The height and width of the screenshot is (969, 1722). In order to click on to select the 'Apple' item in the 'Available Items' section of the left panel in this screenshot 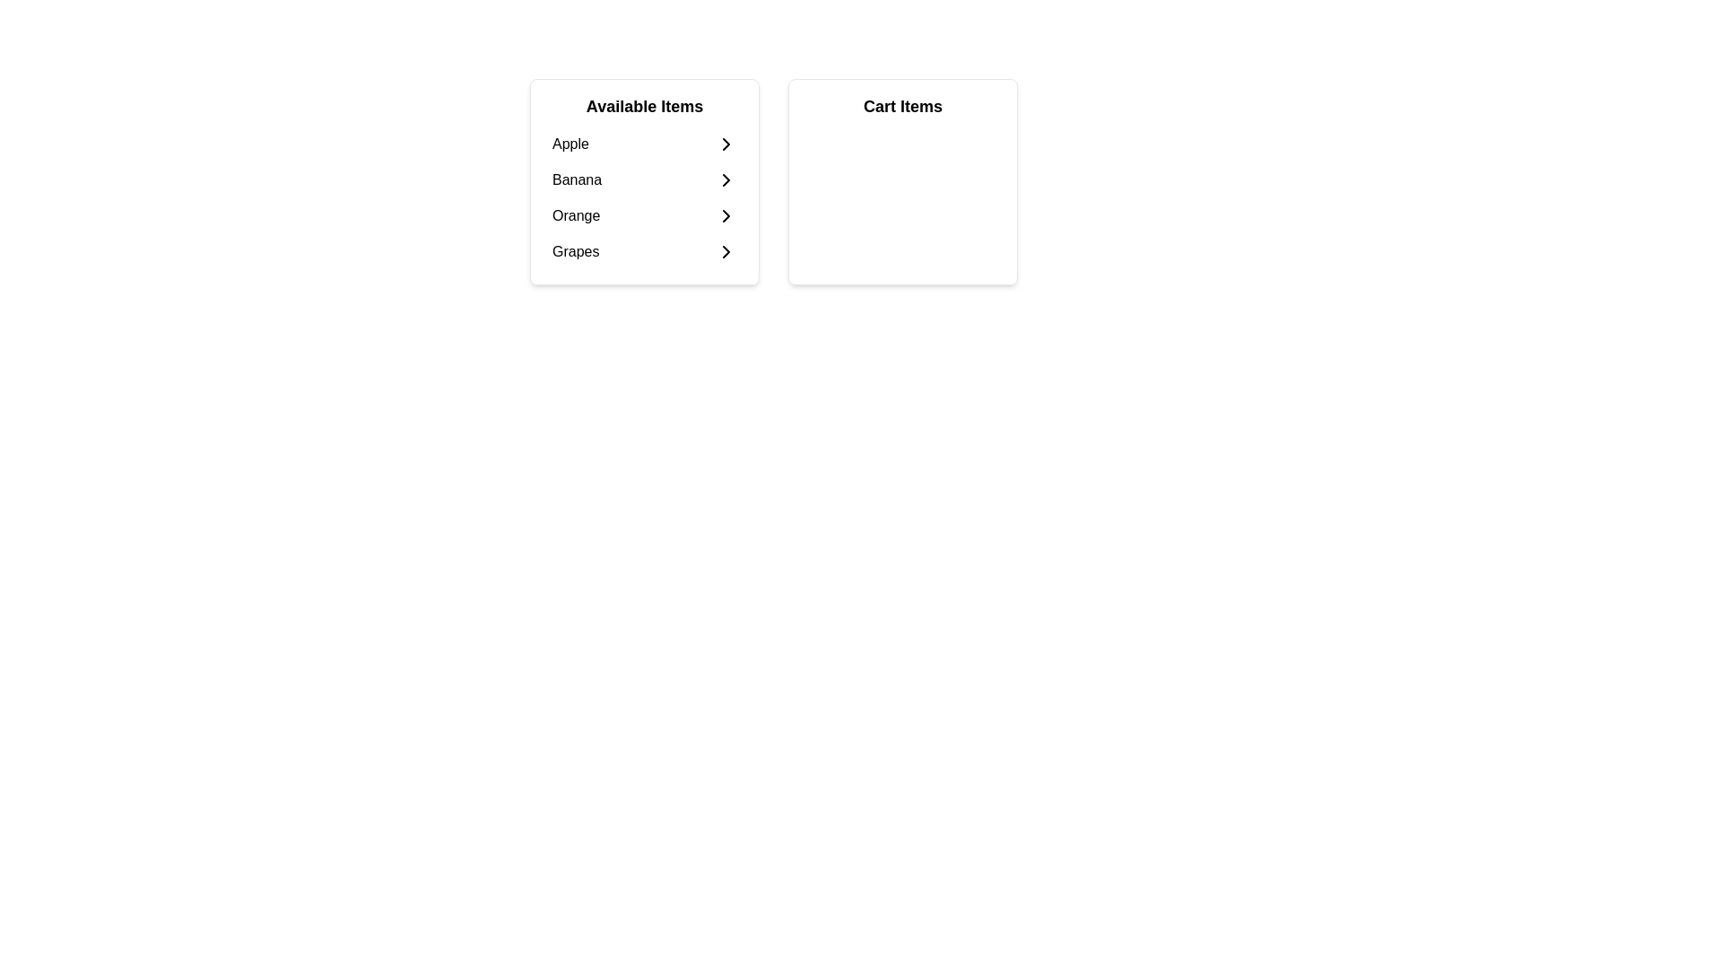, I will do `click(645, 144)`.